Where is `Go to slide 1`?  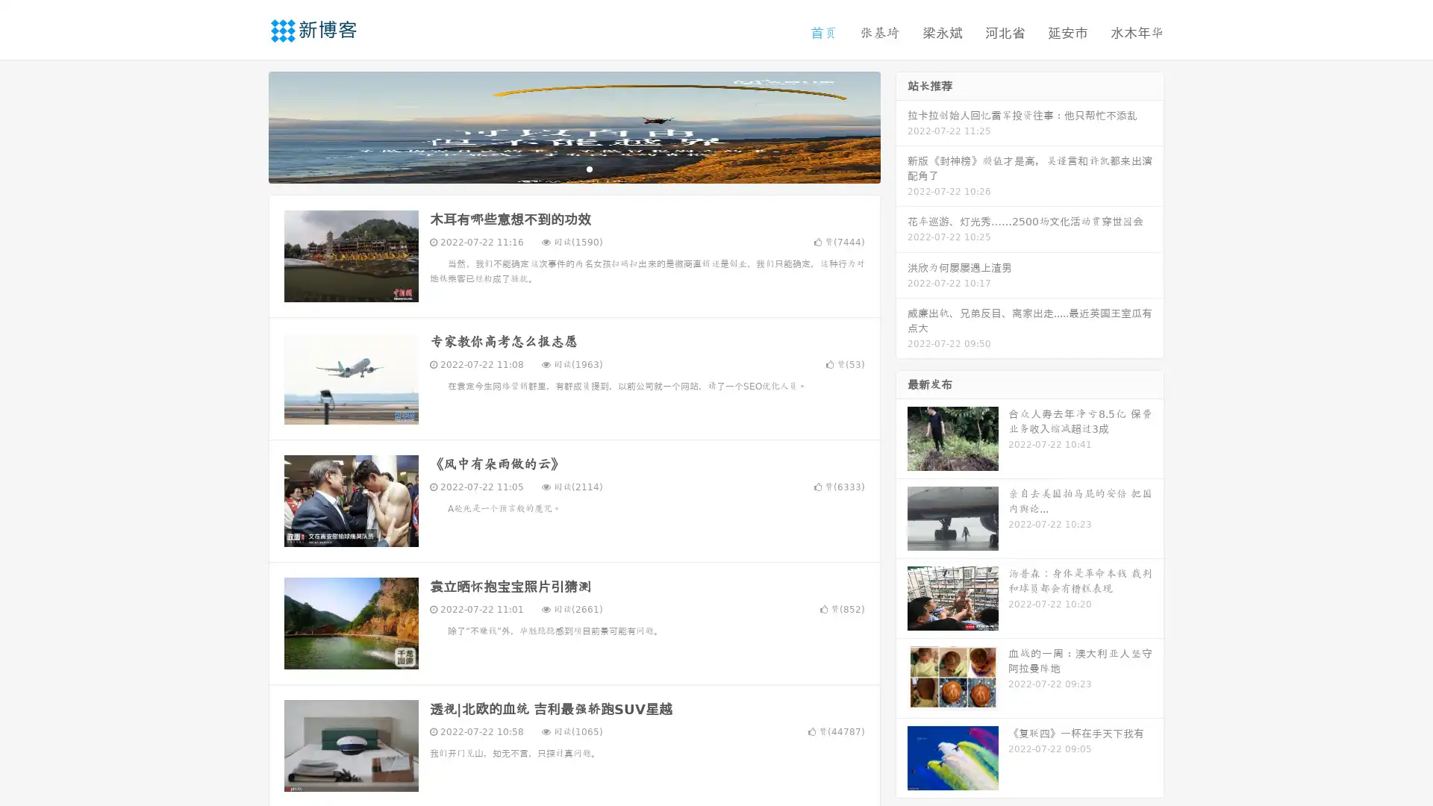
Go to slide 1 is located at coordinates (558, 168).